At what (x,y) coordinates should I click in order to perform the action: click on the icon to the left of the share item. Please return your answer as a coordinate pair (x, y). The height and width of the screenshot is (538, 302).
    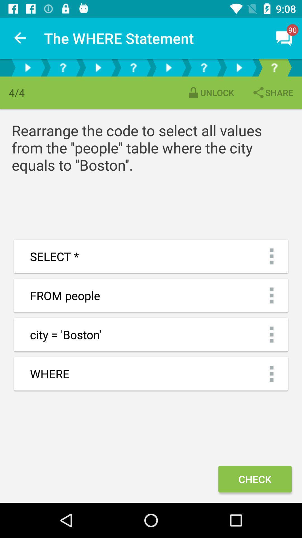
    Looking at the image, I should click on (210, 92).